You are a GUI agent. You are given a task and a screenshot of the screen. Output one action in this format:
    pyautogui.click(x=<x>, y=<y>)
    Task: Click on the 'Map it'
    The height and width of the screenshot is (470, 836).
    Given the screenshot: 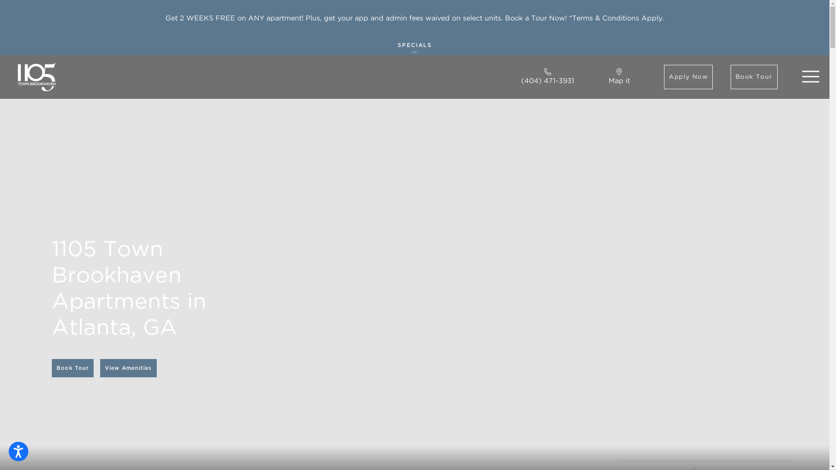 What is the action you would take?
    pyautogui.click(x=619, y=77)
    